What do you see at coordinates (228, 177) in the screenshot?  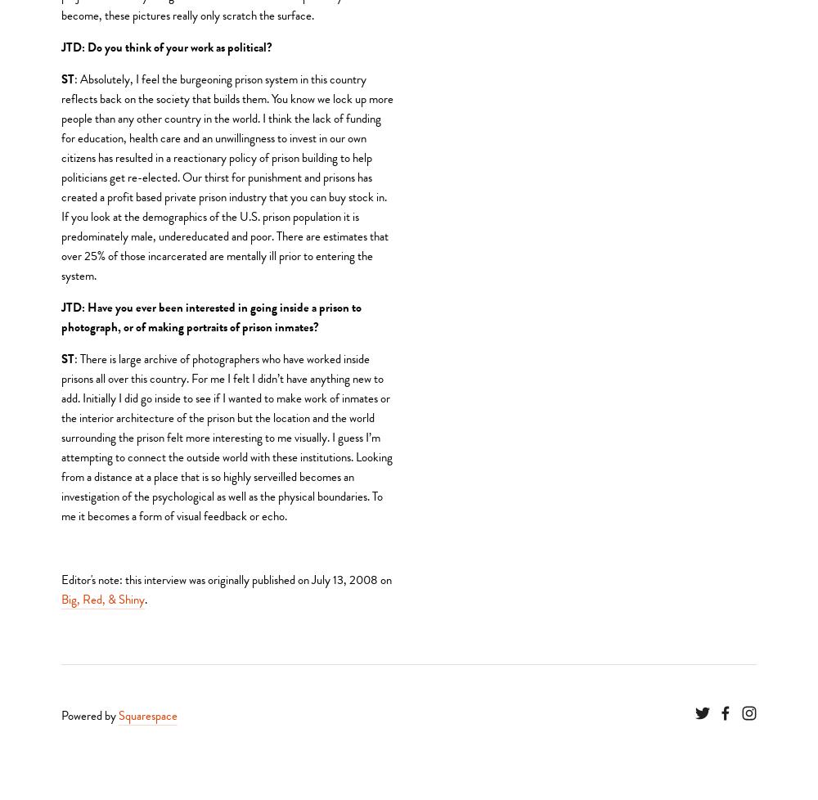 I see `': Absolutely, I feel the burgeoning prison system in this country reflects back on the society that builds them. You know we lock up more people than any other country in the world. I think the lack of funding for education, health care and an unwillingness to invest in our own citizens has resulted in a reactionary policy of prison building to help politicians get re-elected. Our thirst for punishment and prisons has created a profit based private prison industry that you can buy stock in. If you look at the demographics of the U.S. prison population it is predominately male, undereducated and poor. There are estimates that over 25% of those incarcerated are mentally ill prior to entering the system.'` at bounding box center [228, 177].